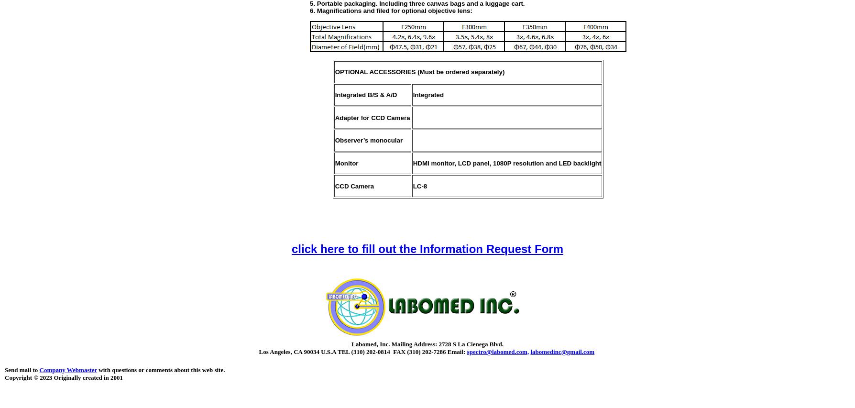 Image resolution: width=855 pixels, height=408 pixels. Describe the element at coordinates (506, 163) in the screenshot. I see `'HDMI monitor, LCD panel, 1080P resolution and LED backlight'` at that location.